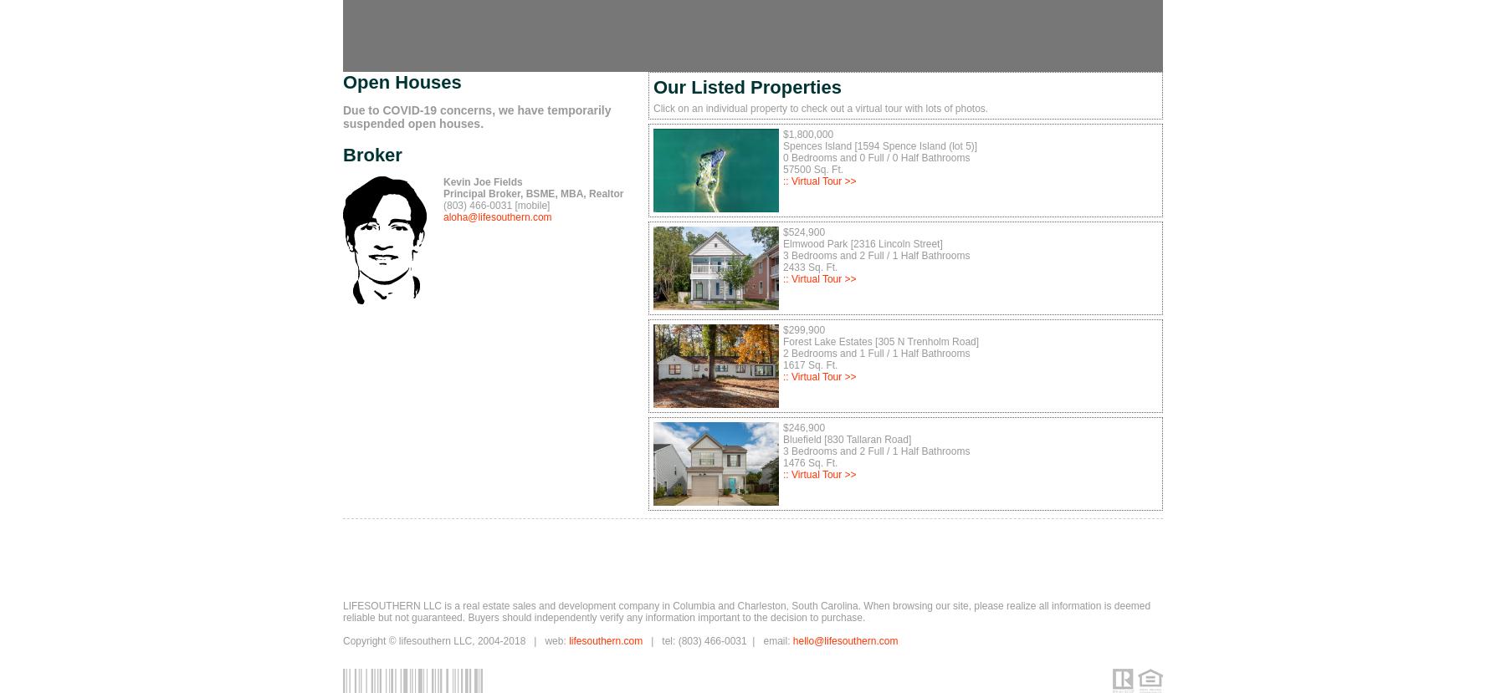 This screenshot has height=693, width=1506. What do you see at coordinates (803, 330) in the screenshot?
I see `'$299,900'` at bounding box center [803, 330].